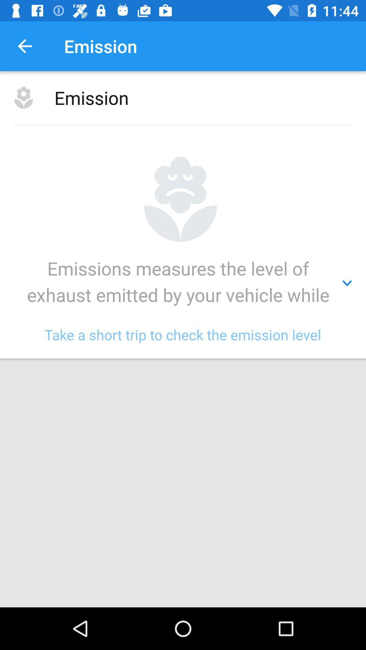  Describe the element at coordinates (24, 46) in the screenshot. I see `item to the left of emission icon` at that location.